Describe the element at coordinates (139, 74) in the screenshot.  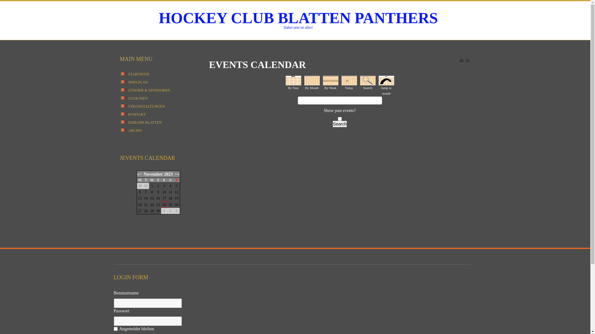
I see `'STARTSEITE'` at that location.